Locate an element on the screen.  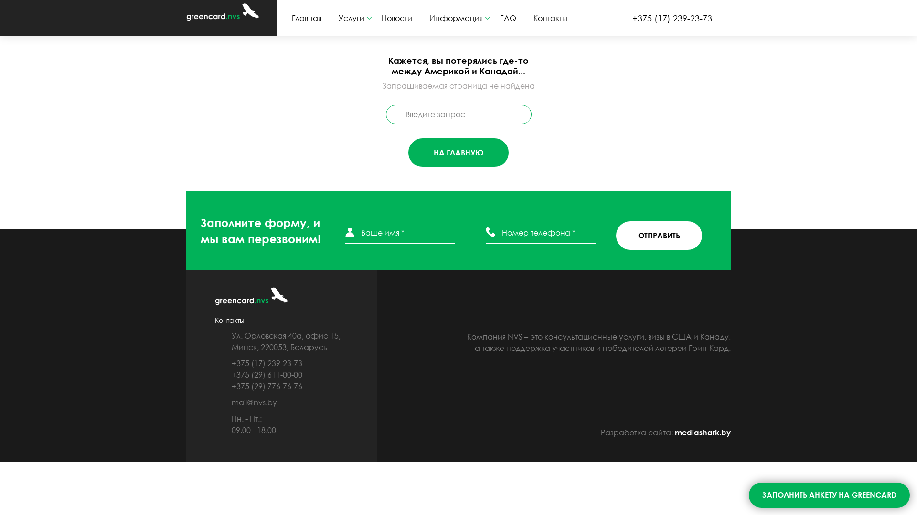
'mediashark.by' is located at coordinates (674, 432).